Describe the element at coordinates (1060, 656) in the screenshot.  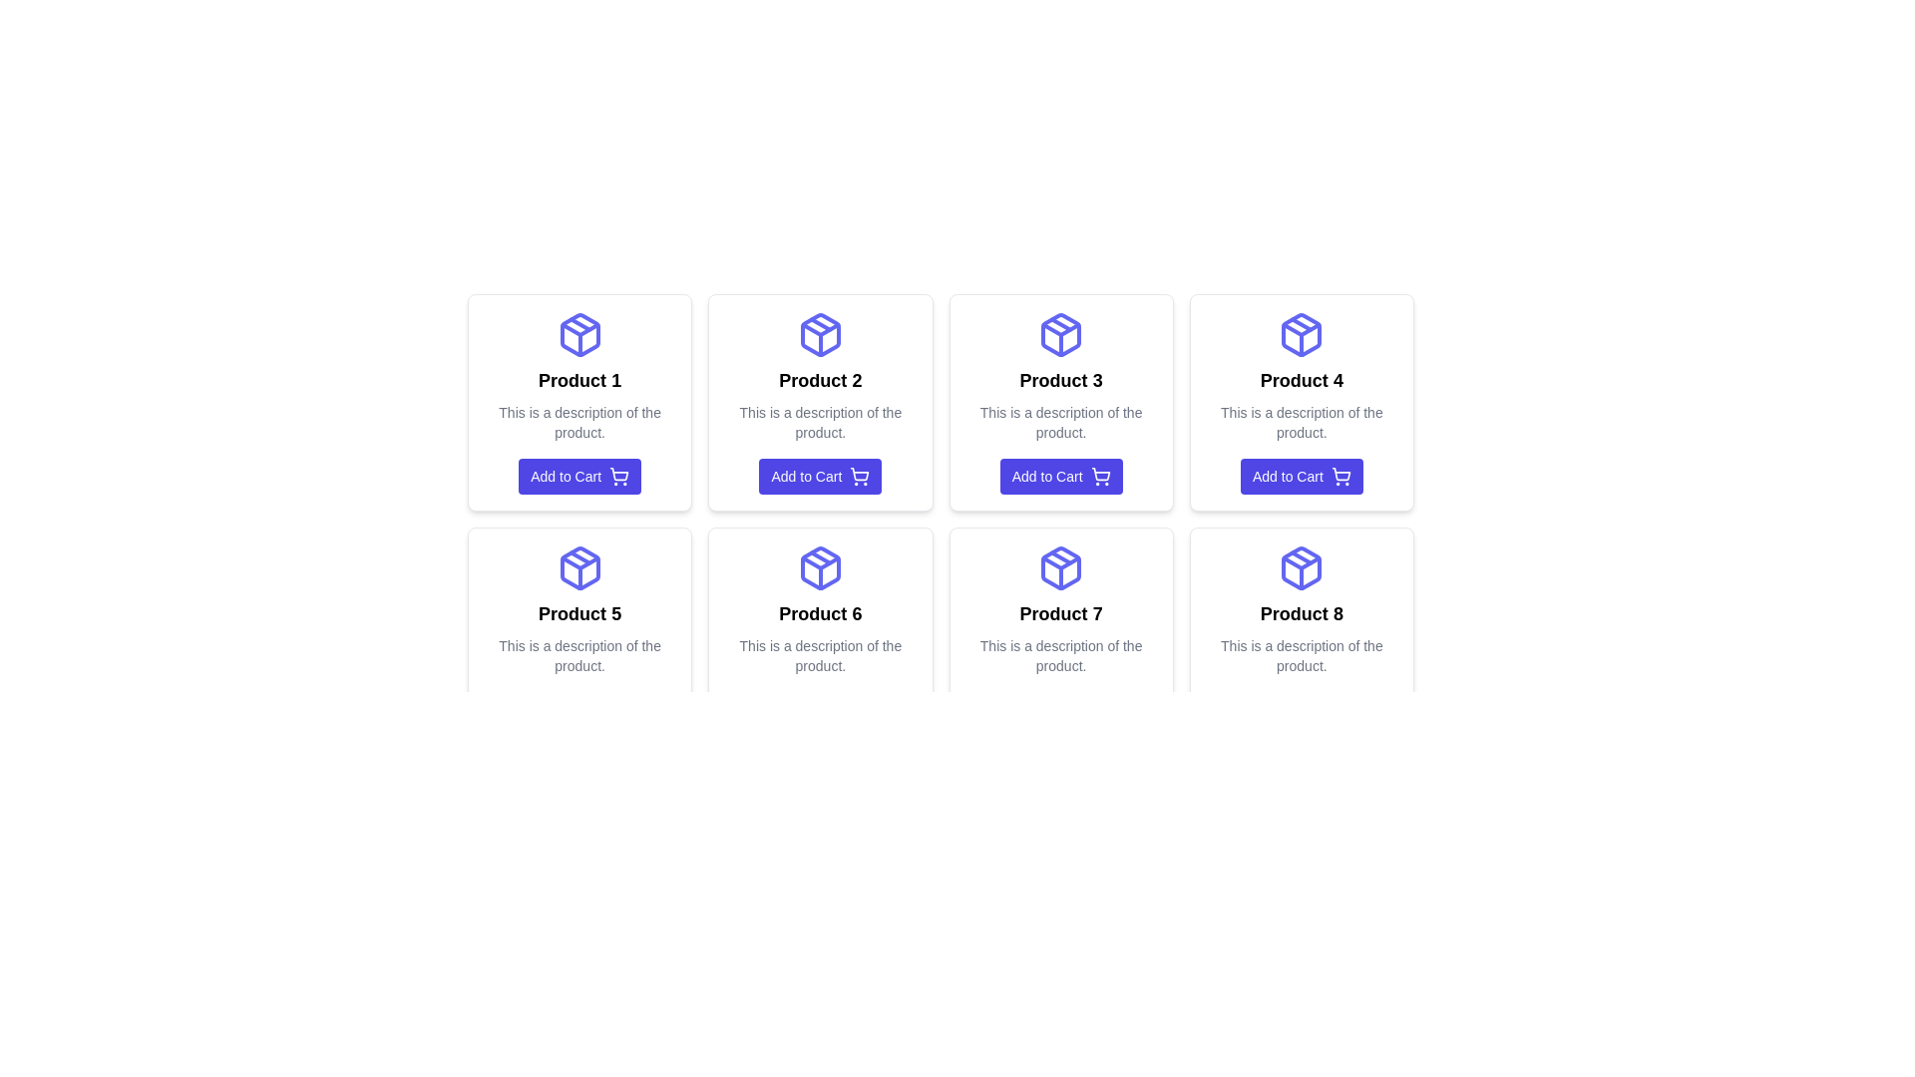
I see `the product description text for 'Product 7', which is located below the title and above the 'Add to Cart' button in the card layout` at that location.